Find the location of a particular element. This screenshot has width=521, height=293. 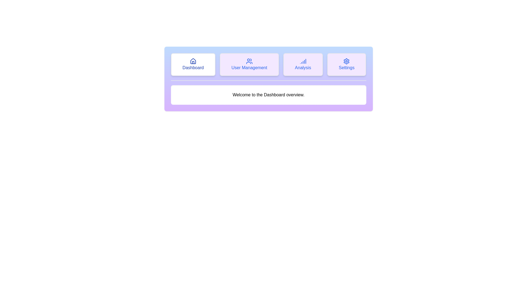

the 'Settings' text label, which visually represents the title and indicates the settings section of the application is located at coordinates (346, 68).